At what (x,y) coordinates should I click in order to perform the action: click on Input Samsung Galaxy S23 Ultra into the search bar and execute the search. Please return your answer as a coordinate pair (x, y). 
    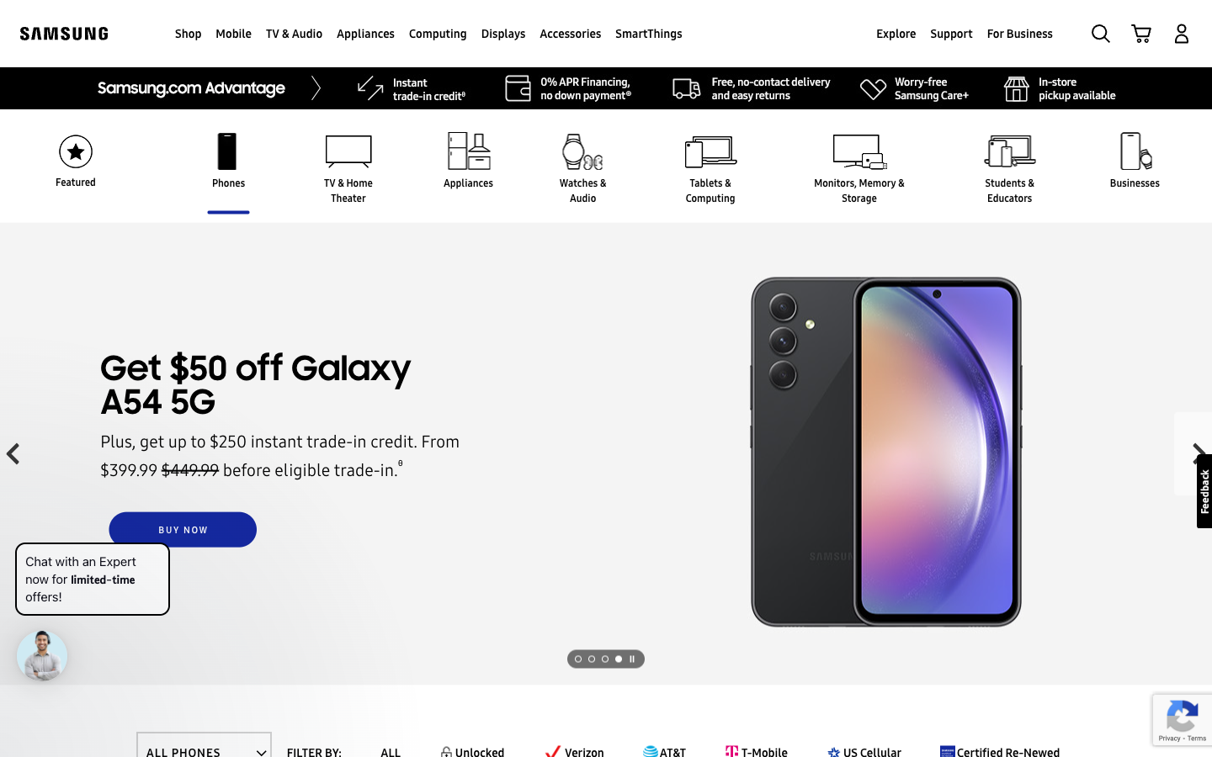
    Looking at the image, I should click on (1100, 32).